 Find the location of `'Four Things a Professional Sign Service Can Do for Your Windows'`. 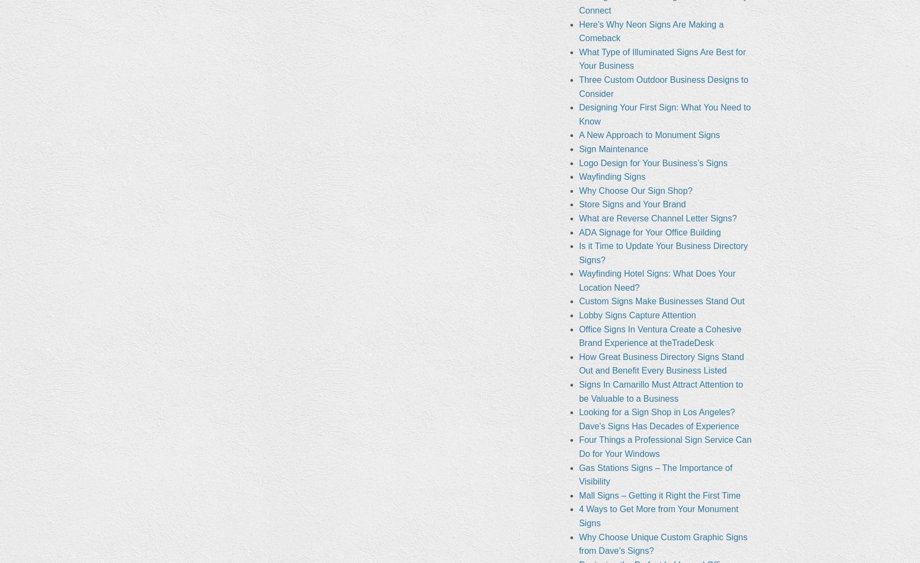

'Four Things a Professional Sign Service Can Do for Your Windows' is located at coordinates (664, 446).